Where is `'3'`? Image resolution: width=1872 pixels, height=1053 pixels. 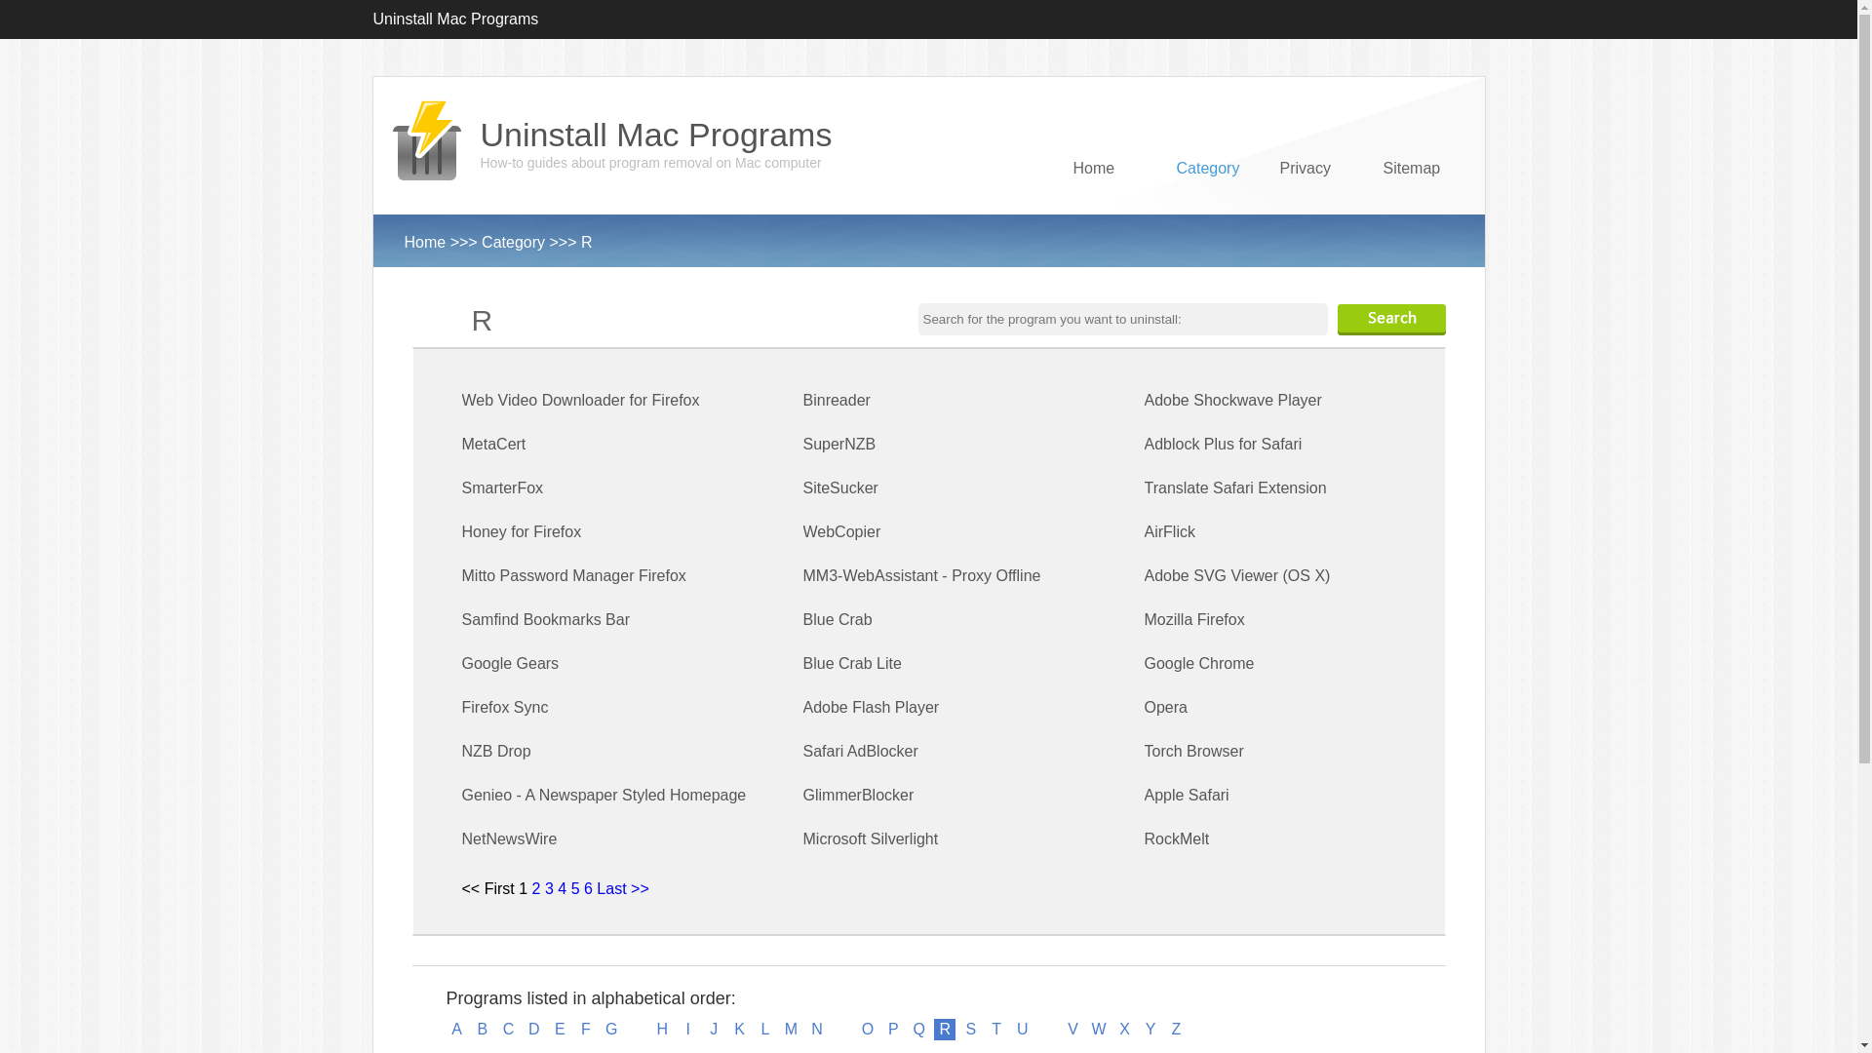 '3' is located at coordinates (544, 888).